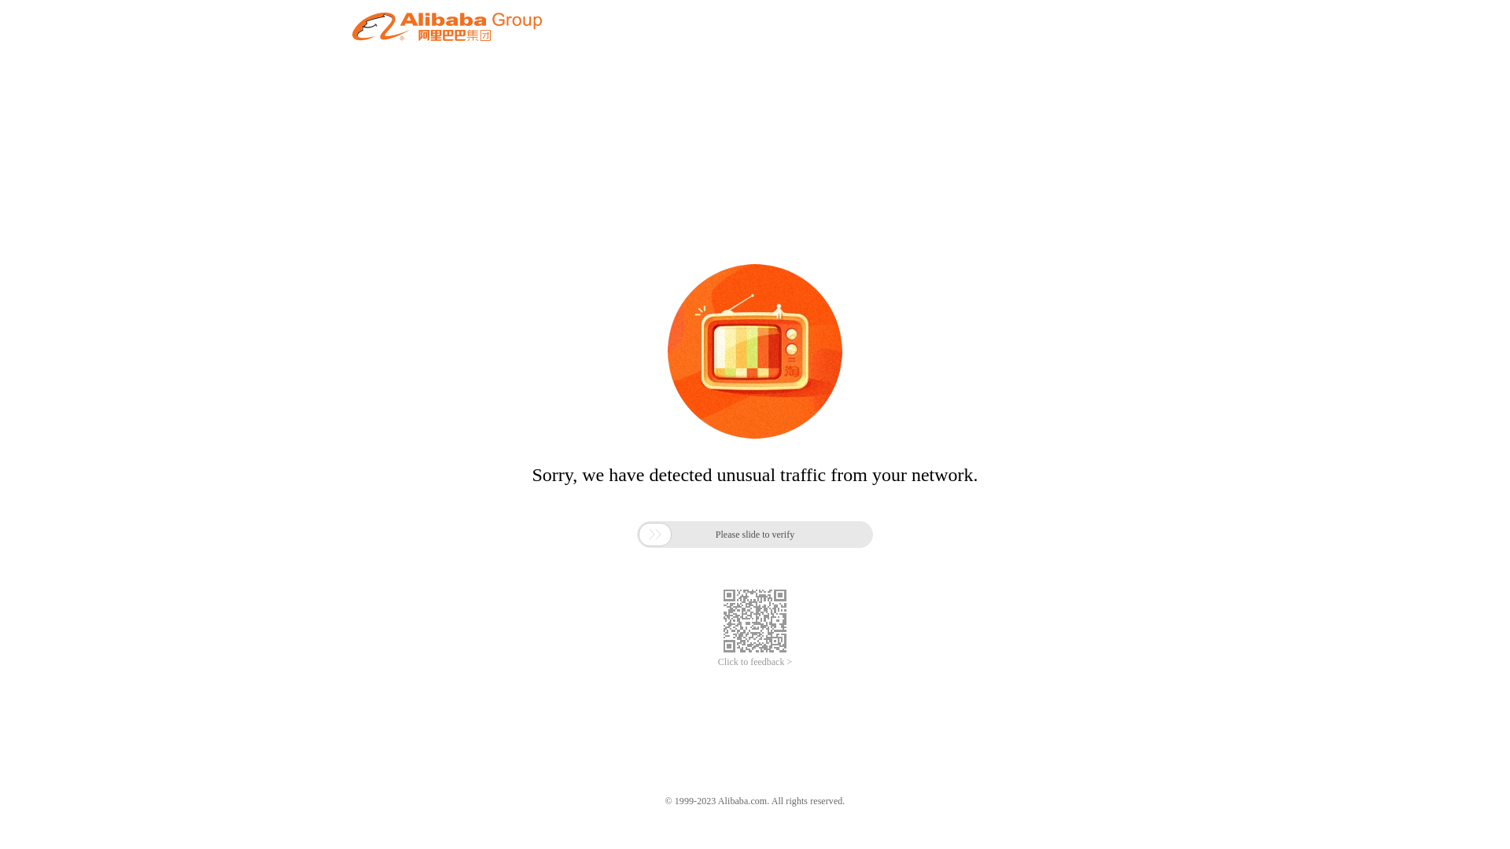 The width and height of the screenshot is (1510, 849). I want to click on 'Click to feedback >', so click(716, 662).